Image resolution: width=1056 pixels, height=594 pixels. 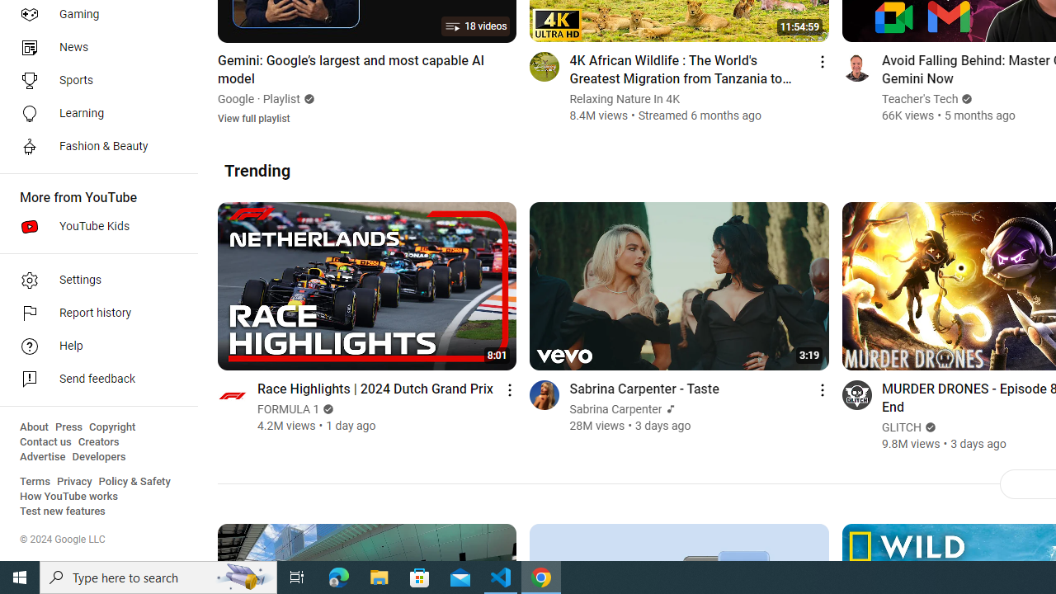 I want to click on 'Contact us', so click(x=45, y=441).